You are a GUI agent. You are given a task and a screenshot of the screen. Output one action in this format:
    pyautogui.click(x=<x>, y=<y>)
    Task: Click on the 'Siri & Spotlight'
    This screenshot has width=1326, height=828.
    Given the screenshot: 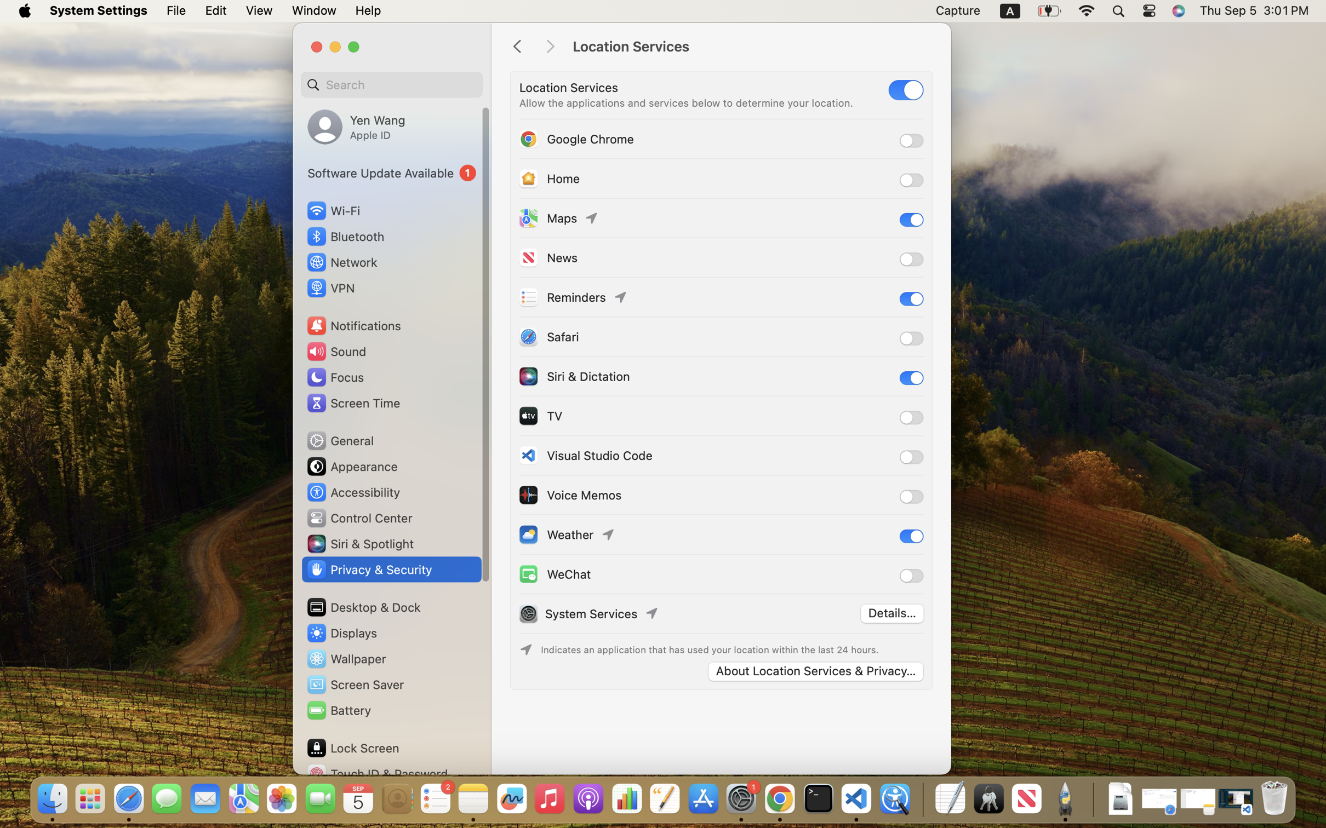 What is the action you would take?
    pyautogui.click(x=359, y=543)
    